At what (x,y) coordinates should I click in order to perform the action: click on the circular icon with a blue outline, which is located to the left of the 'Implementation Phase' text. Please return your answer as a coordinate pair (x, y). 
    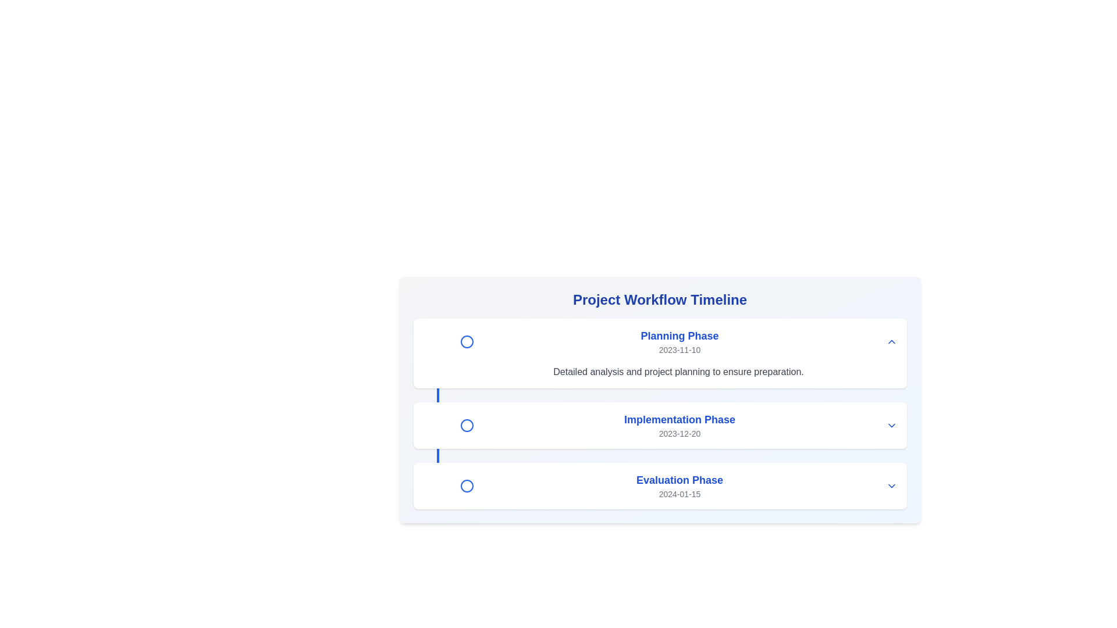
    Looking at the image, I should click on (467, 426).